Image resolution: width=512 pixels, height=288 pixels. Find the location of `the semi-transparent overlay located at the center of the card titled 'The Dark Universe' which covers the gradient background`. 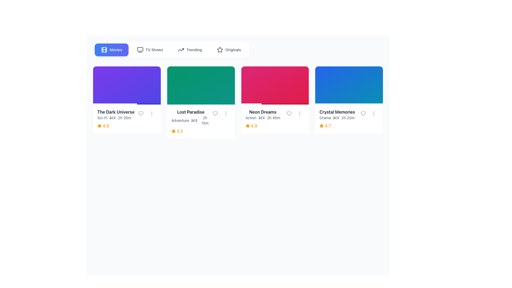

the semi-transparent overlay located at the center of the card titled 'The Dark Universe' which covers the gradient background is located at coordinates (126, 85).